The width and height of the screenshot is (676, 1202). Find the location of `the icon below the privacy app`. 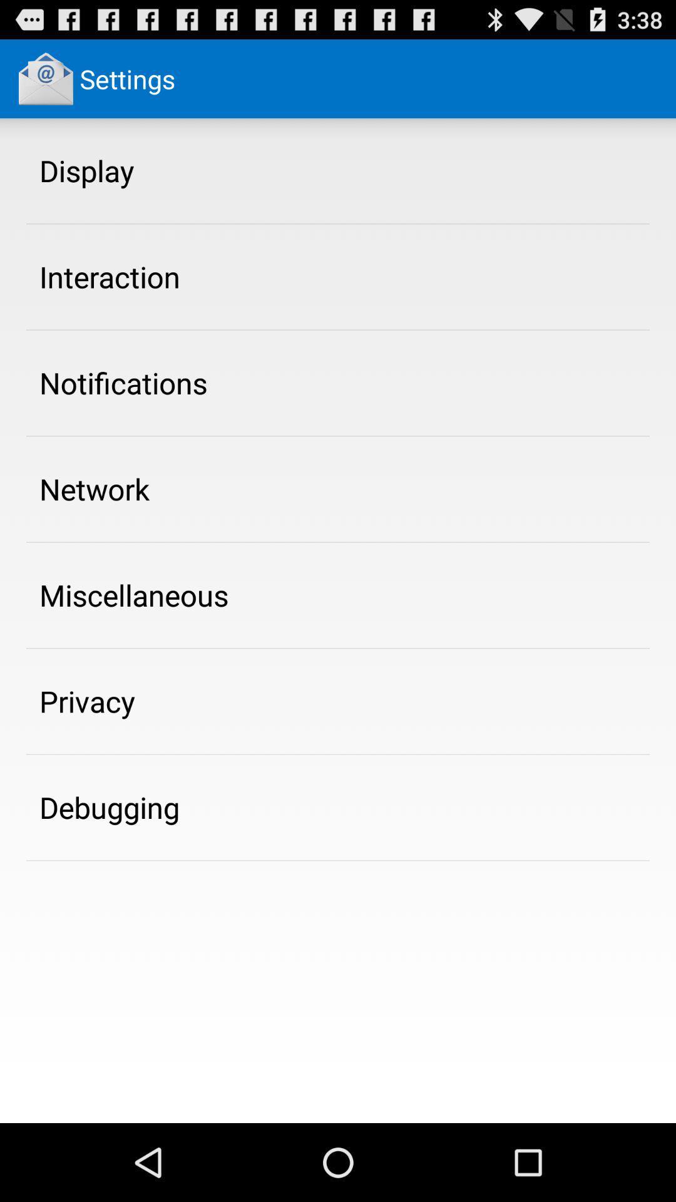

the icon below the privacy app is located at coordinates (109, 807).